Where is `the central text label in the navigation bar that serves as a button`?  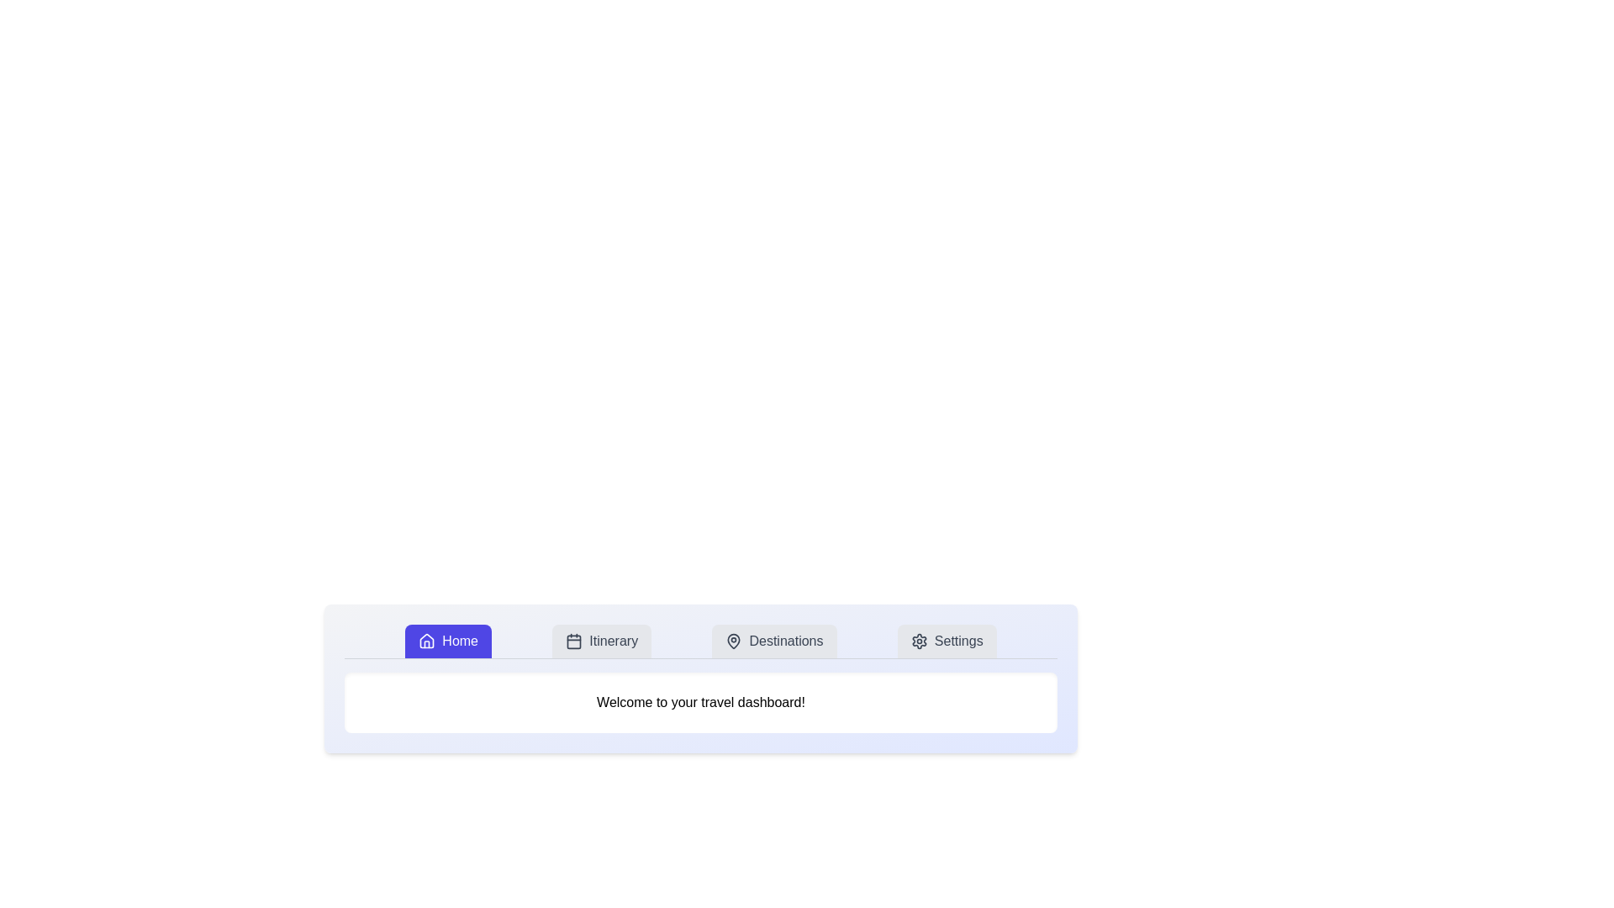
the central text label in the navigation bar that serves as a button is located at coordinates (613, 641).